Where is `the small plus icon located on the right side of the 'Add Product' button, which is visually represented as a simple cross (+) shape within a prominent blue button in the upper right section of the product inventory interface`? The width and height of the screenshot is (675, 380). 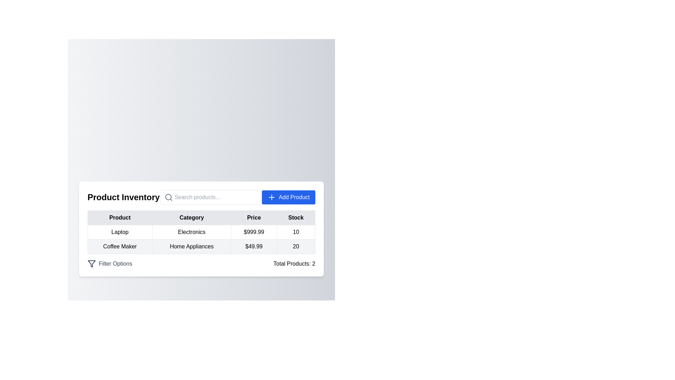
the small plus icon located on the right side of the 'Add Product' button, which is visually represented as a simple cross (+) shape within a prominent blue button in the upper right section of the product inventory interface is located at coordinates (271, 197).